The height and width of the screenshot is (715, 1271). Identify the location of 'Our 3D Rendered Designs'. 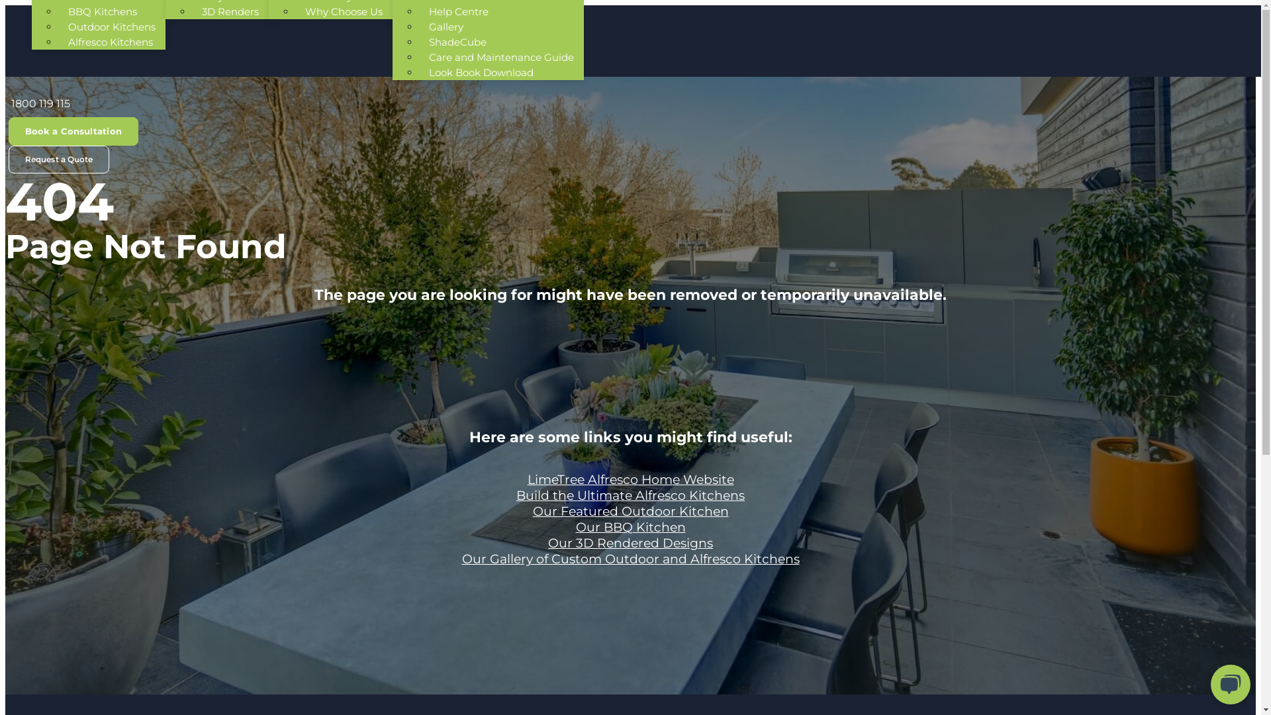
(548, 543).